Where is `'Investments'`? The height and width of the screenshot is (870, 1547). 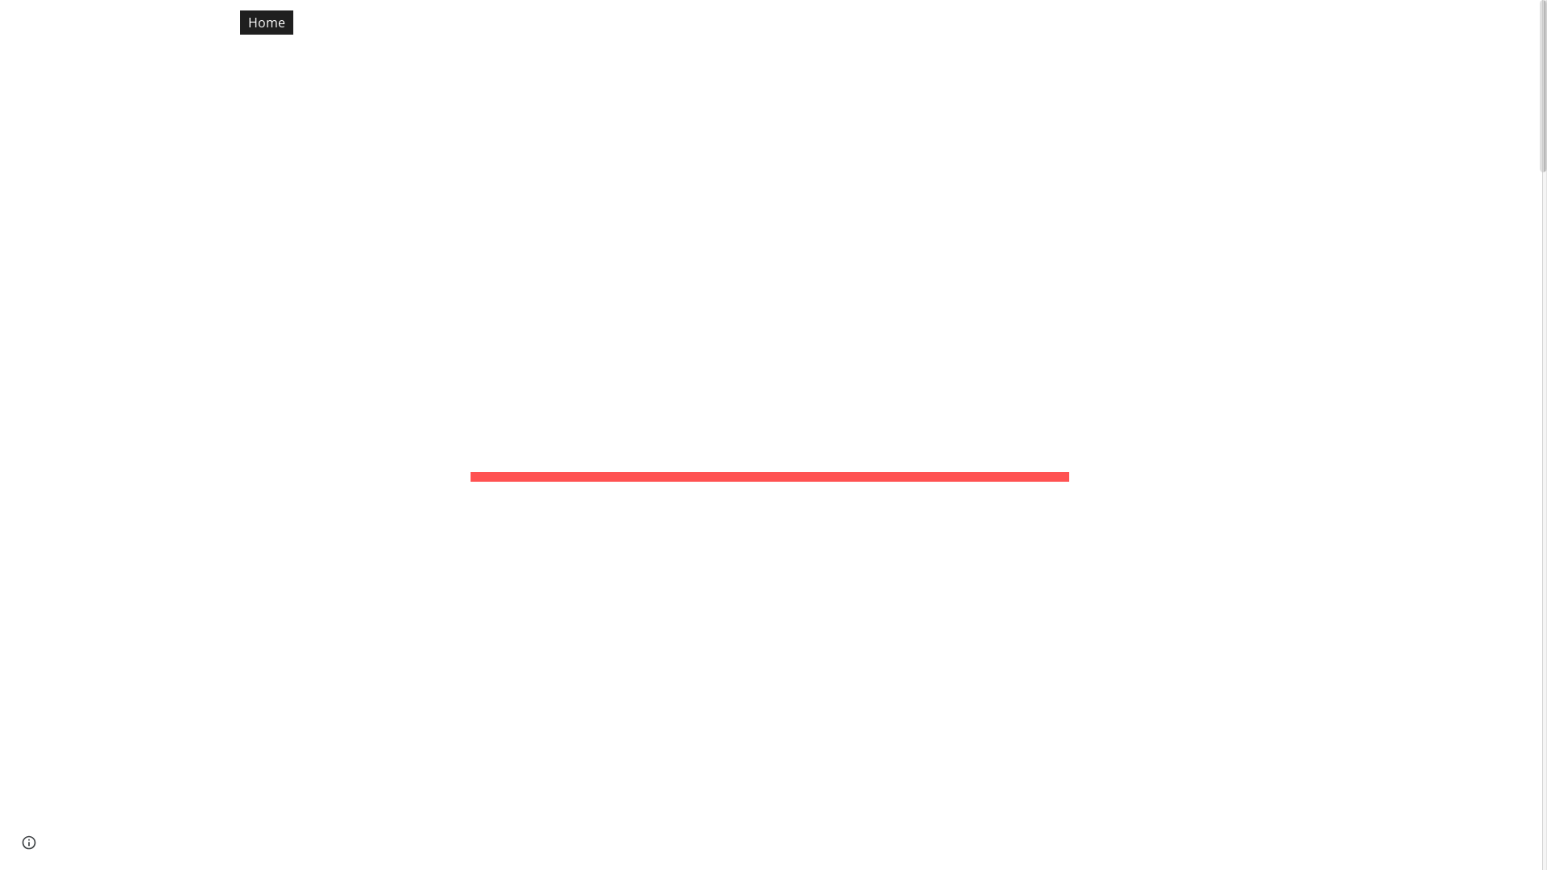 'Investments' is located at coordinates (730, 22).